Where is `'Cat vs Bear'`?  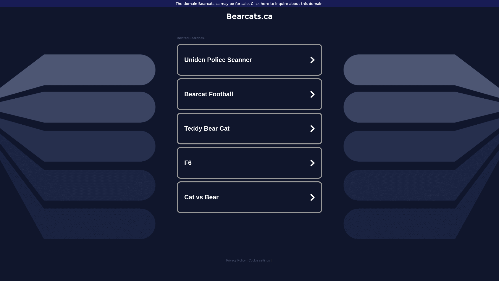 'Cat vs Bear' is located at coordinates (249, 197).